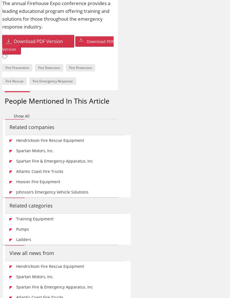  I want to click on 'Fire Emergency Response', so click(53, 81).